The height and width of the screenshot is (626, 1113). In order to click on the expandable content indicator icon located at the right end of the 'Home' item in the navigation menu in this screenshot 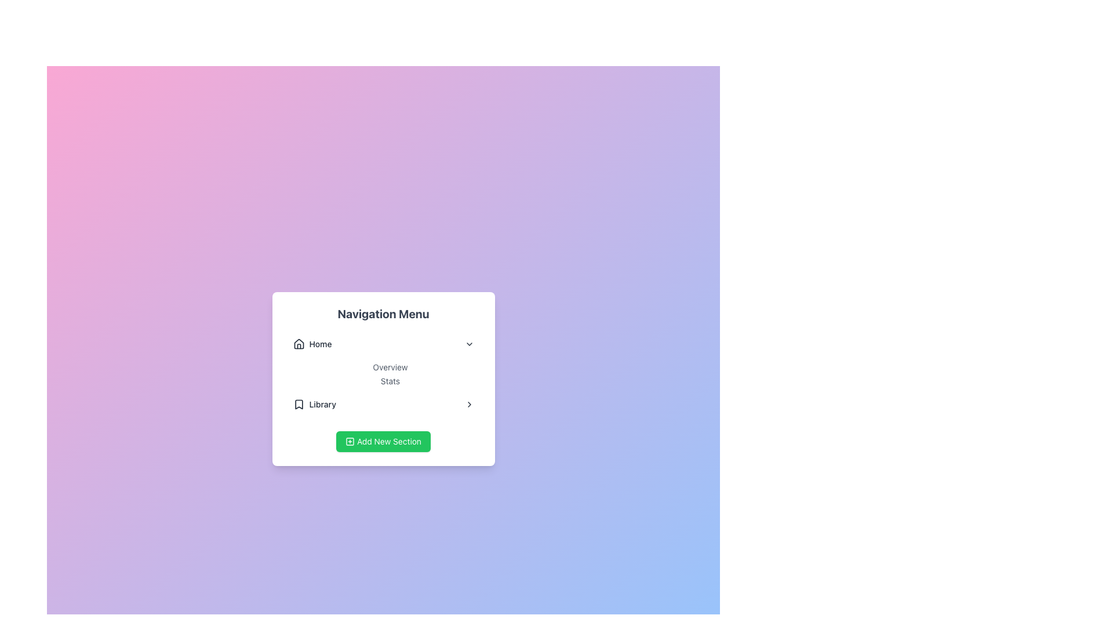, I will do `click(469, 344)`.